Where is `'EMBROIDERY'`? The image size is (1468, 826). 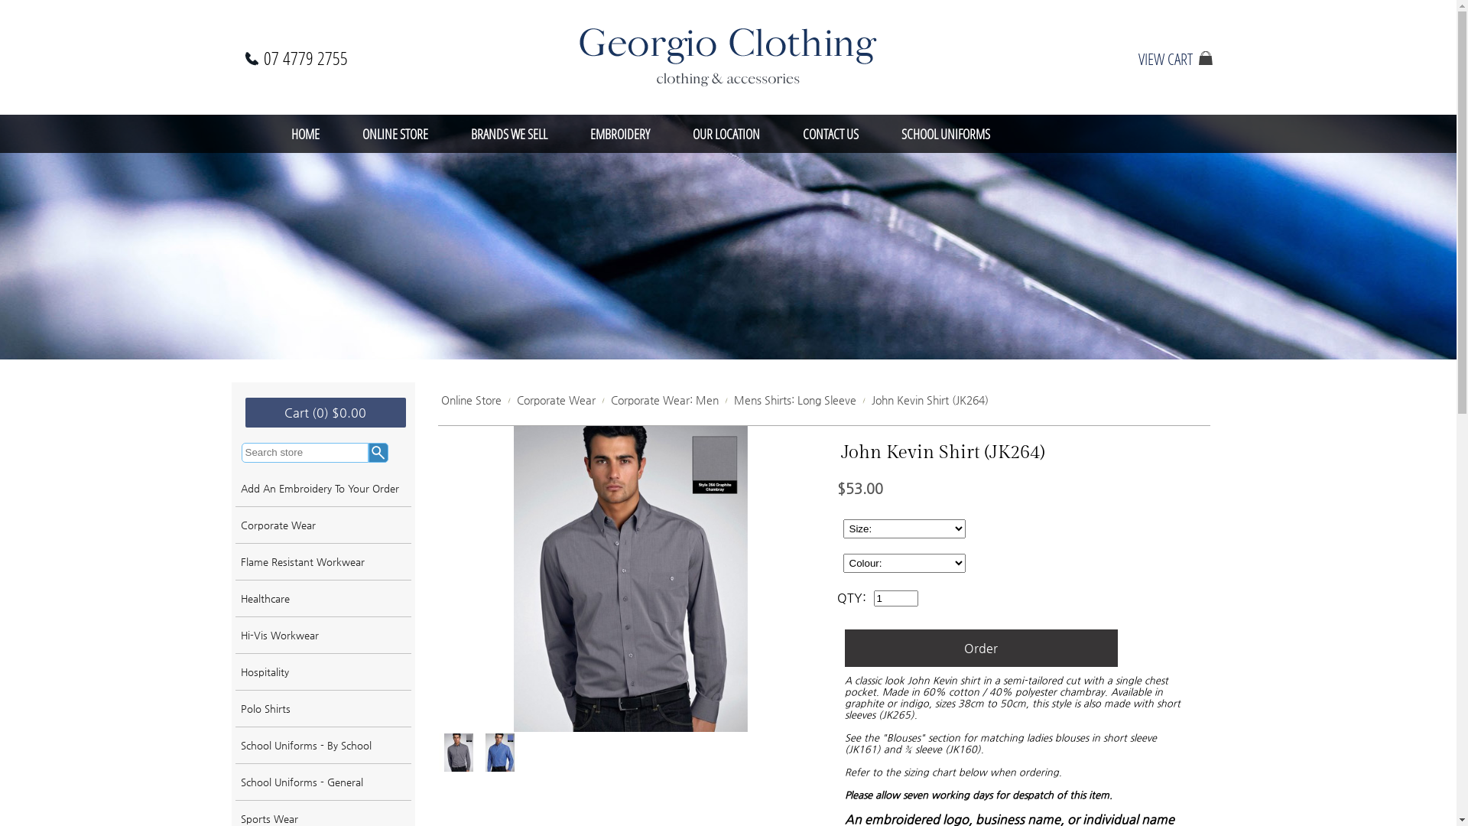 'EMBROIDERY' is located at coordinates (568, 132).